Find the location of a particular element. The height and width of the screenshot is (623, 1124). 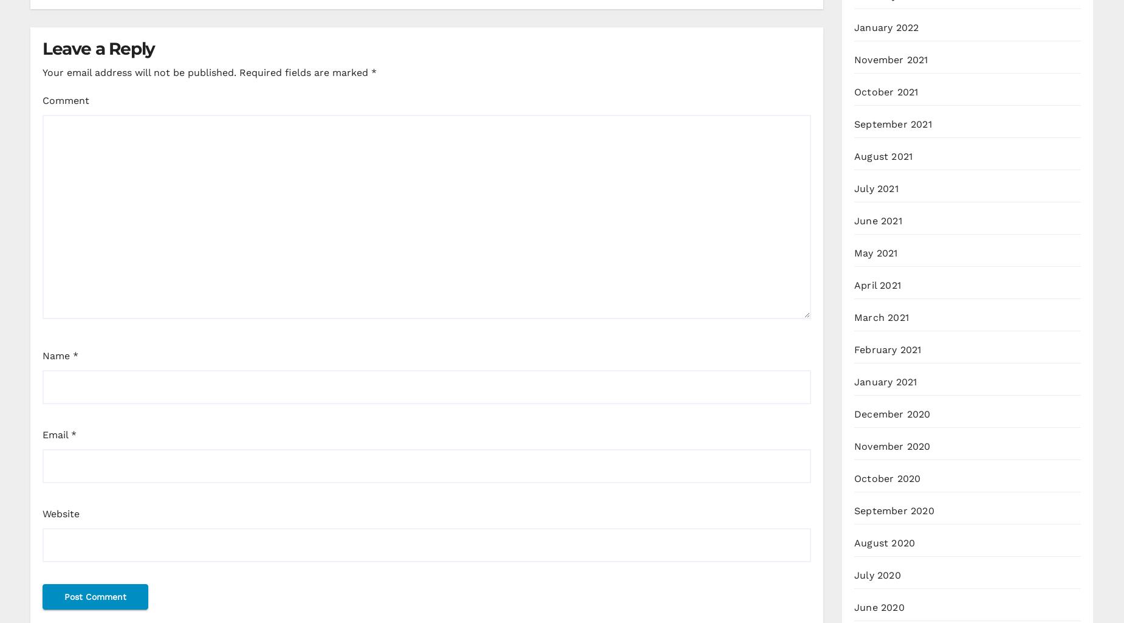

'June 2020' is located at coordinates (854, 607).